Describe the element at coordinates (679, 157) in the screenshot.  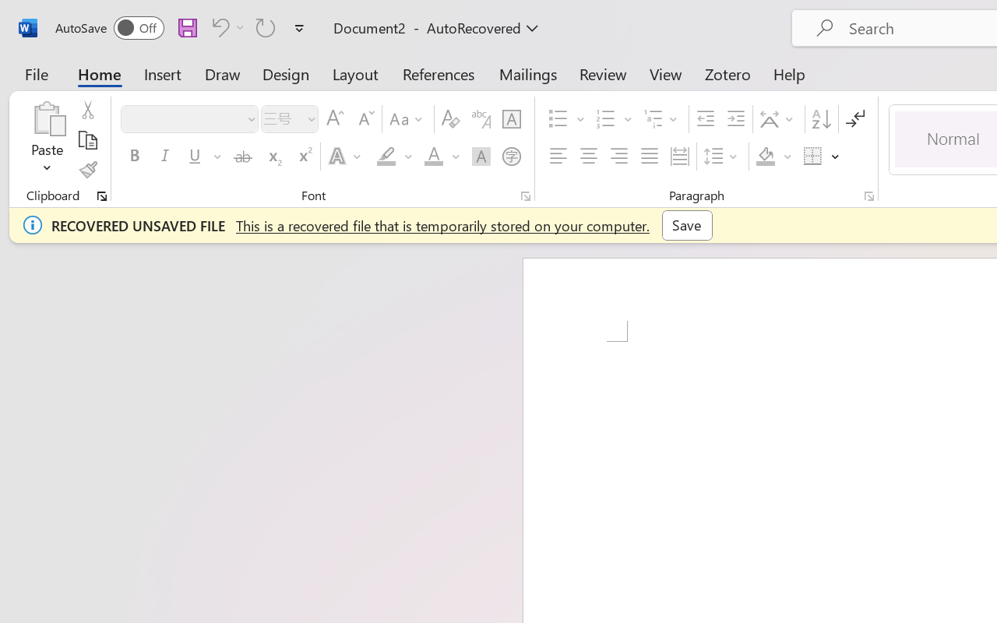
I see `'Distributed'` at that location.